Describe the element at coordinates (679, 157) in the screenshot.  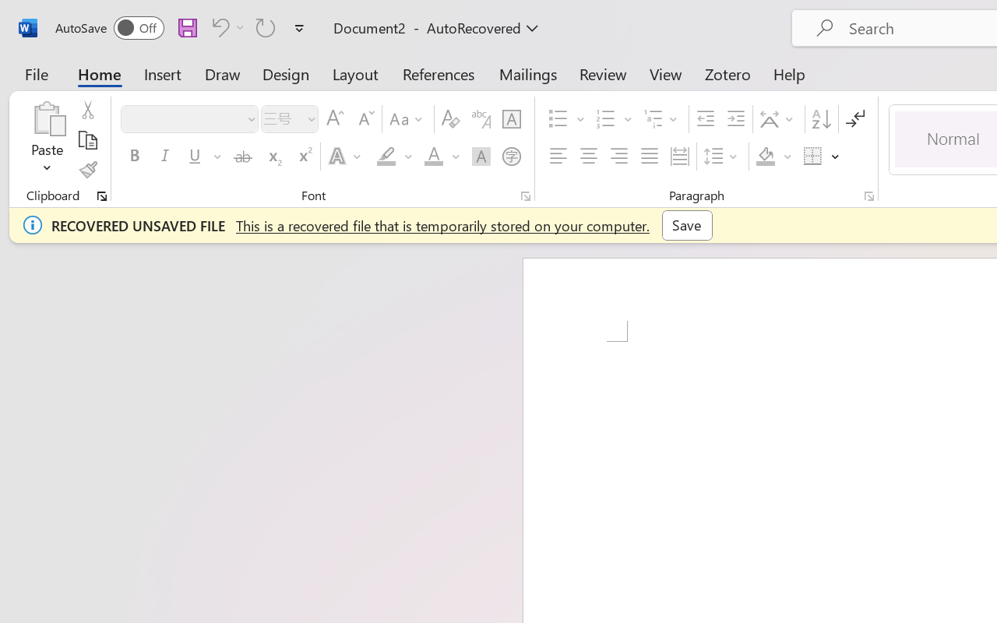
I see `'Distributed'` at that location.